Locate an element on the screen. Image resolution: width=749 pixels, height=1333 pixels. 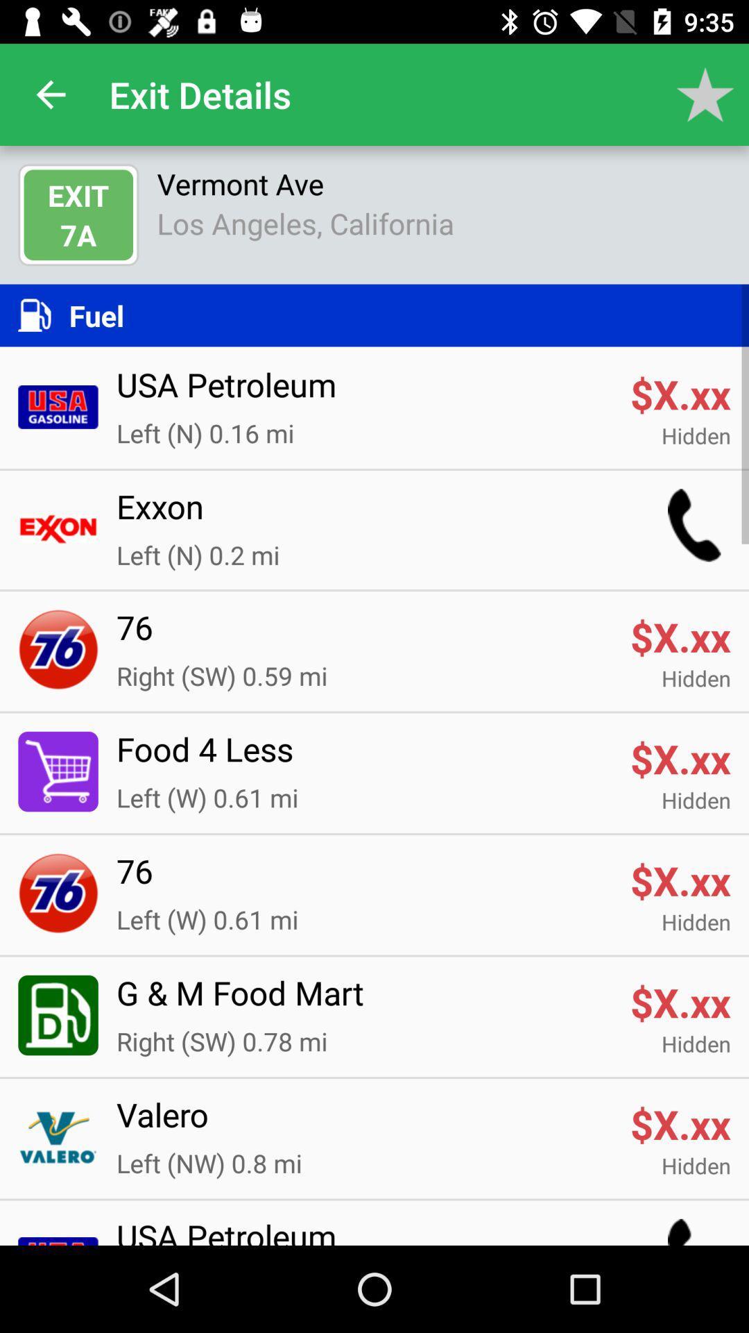
app next to exit details icon is located at coordinates (50, 94).